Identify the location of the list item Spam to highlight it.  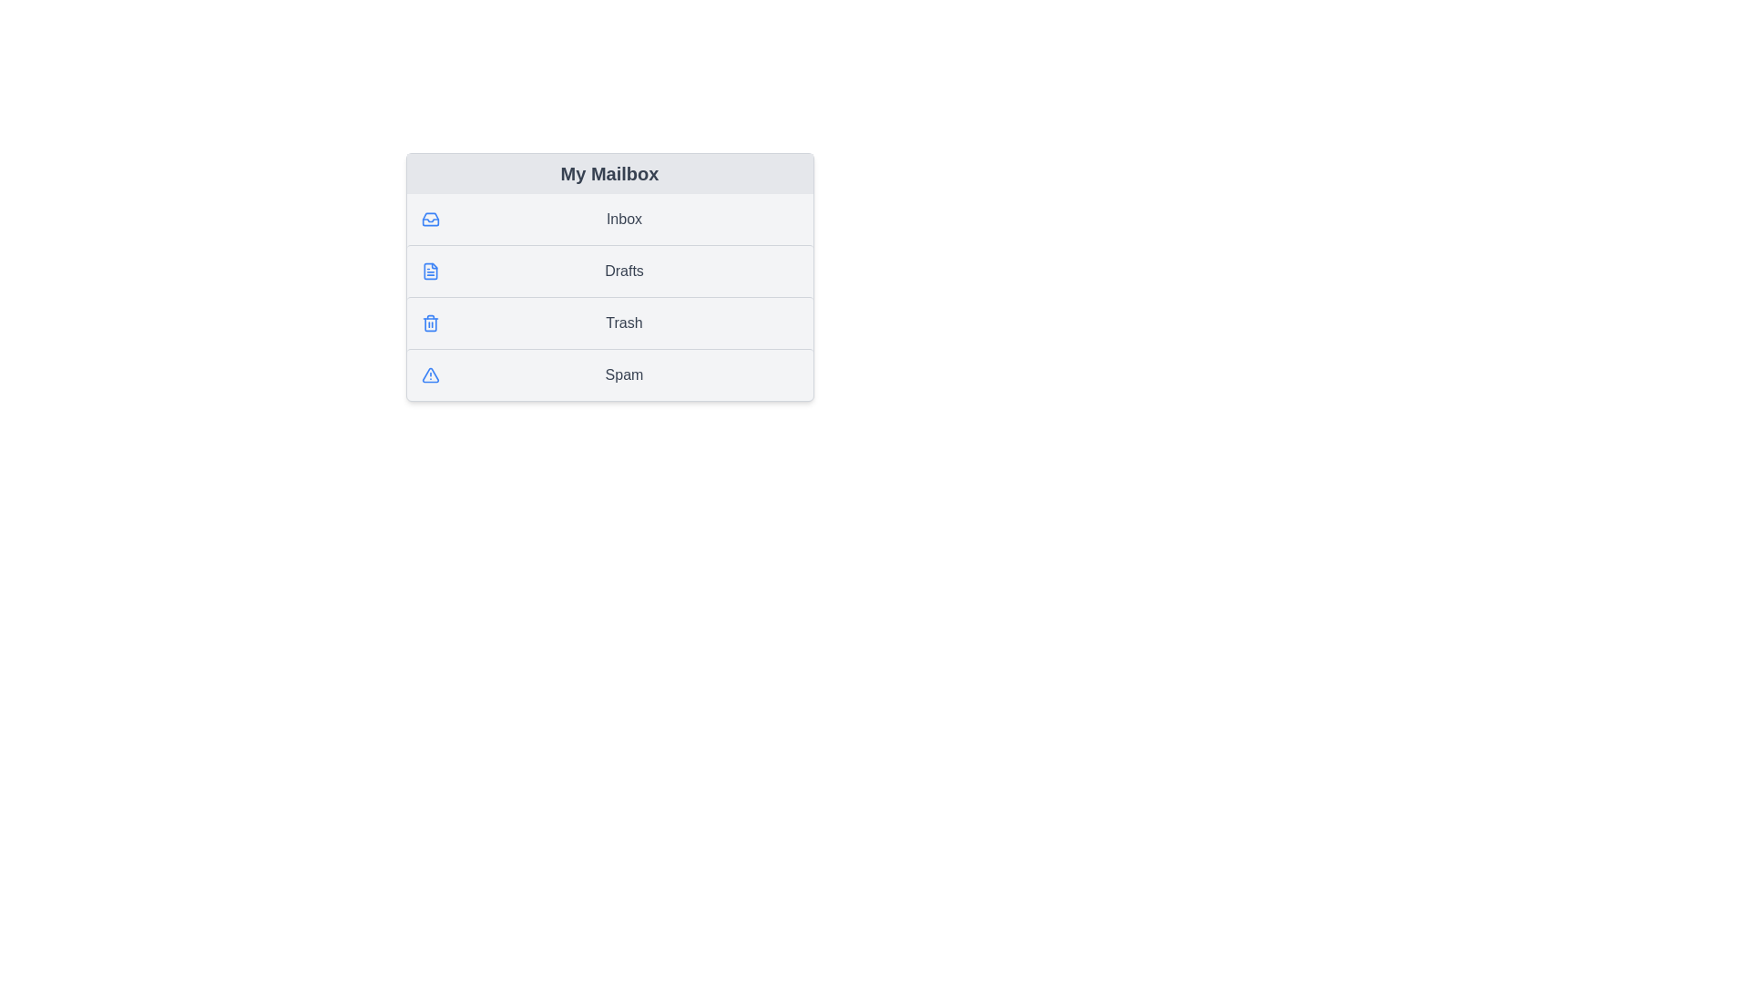
(609, 374).